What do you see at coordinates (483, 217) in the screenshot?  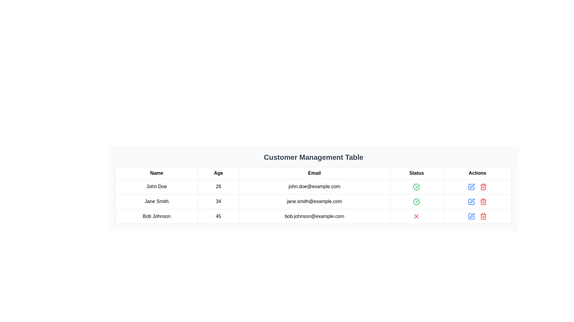 I see `the trash can icon in the Actions column of the third row in the Customer Management Table` at bounding box center [483, 217].